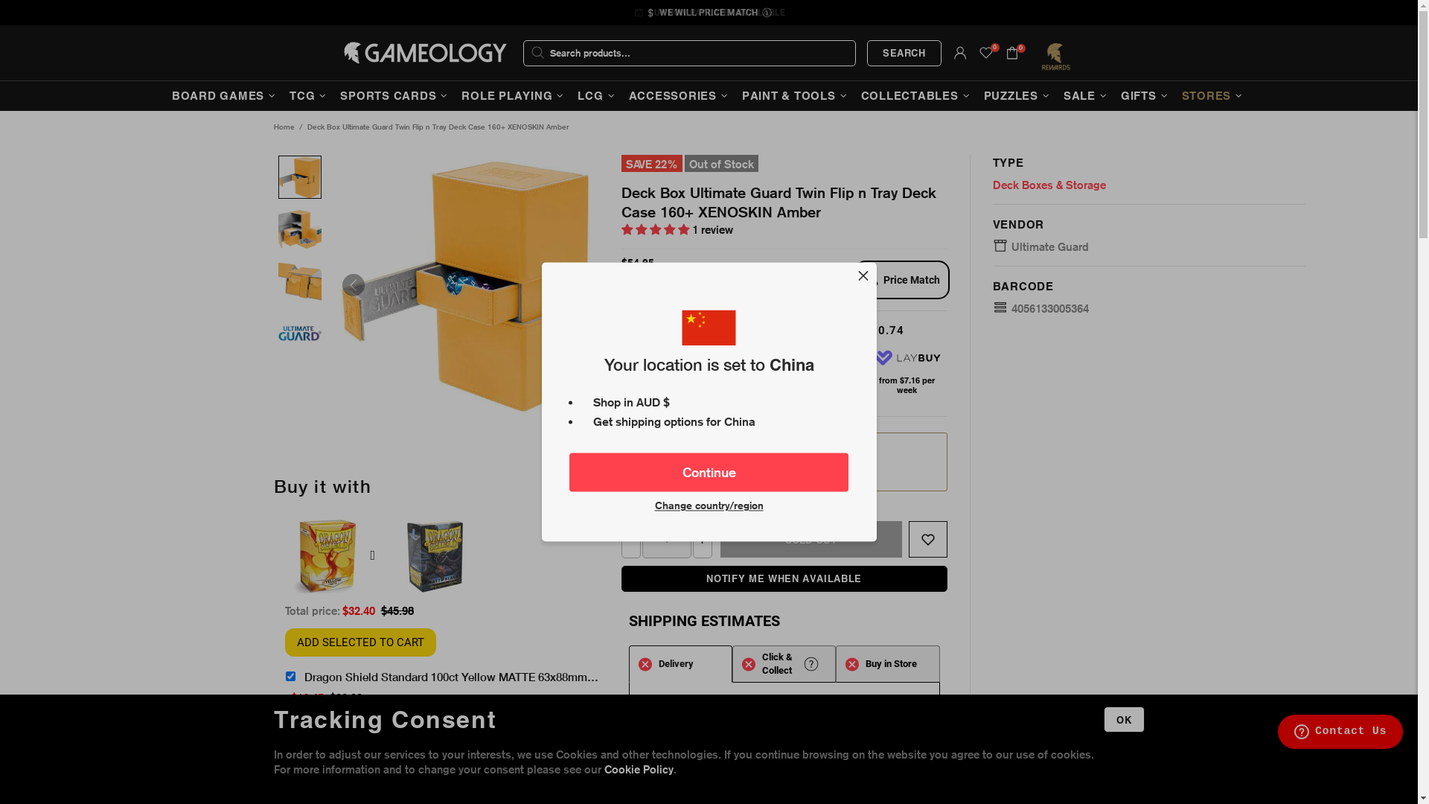 This screenshot has height=804, width=1429. What do you see at coordinates (639, 769) in the screenshot?
I see `'Cookie Policy'` at bounding box center [639, 769].